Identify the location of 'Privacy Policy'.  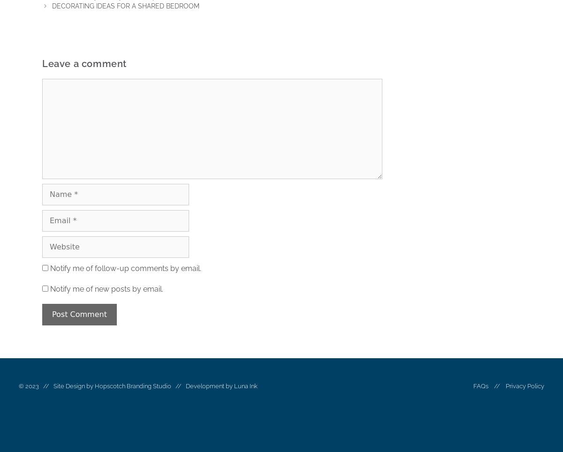
(524, 385).